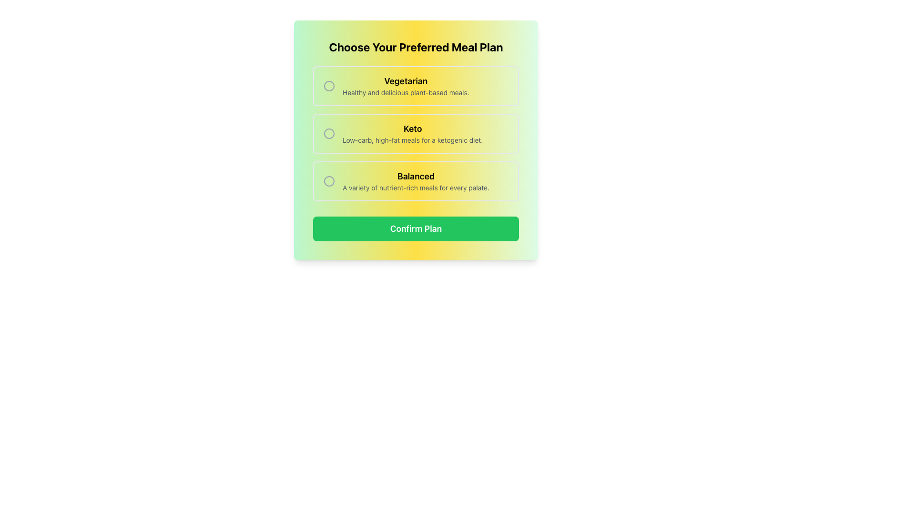  What do you see at coordinates (329, 134) in the screenshot?
I see `the circular radio button indicator` at bounding box center [329, 134].